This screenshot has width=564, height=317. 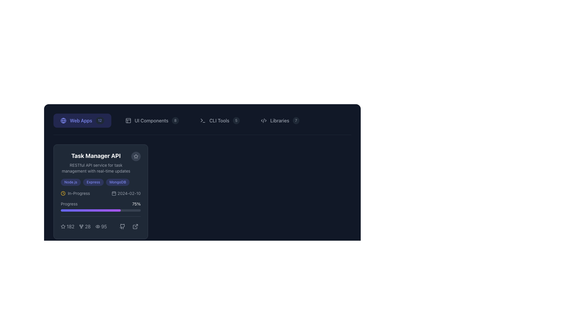 I want to click on text label 'CLI Tools' which is part of the horizontal navigation bar, located between a terminal icon and a badge showing the number '5', so click(x=219, y=120).